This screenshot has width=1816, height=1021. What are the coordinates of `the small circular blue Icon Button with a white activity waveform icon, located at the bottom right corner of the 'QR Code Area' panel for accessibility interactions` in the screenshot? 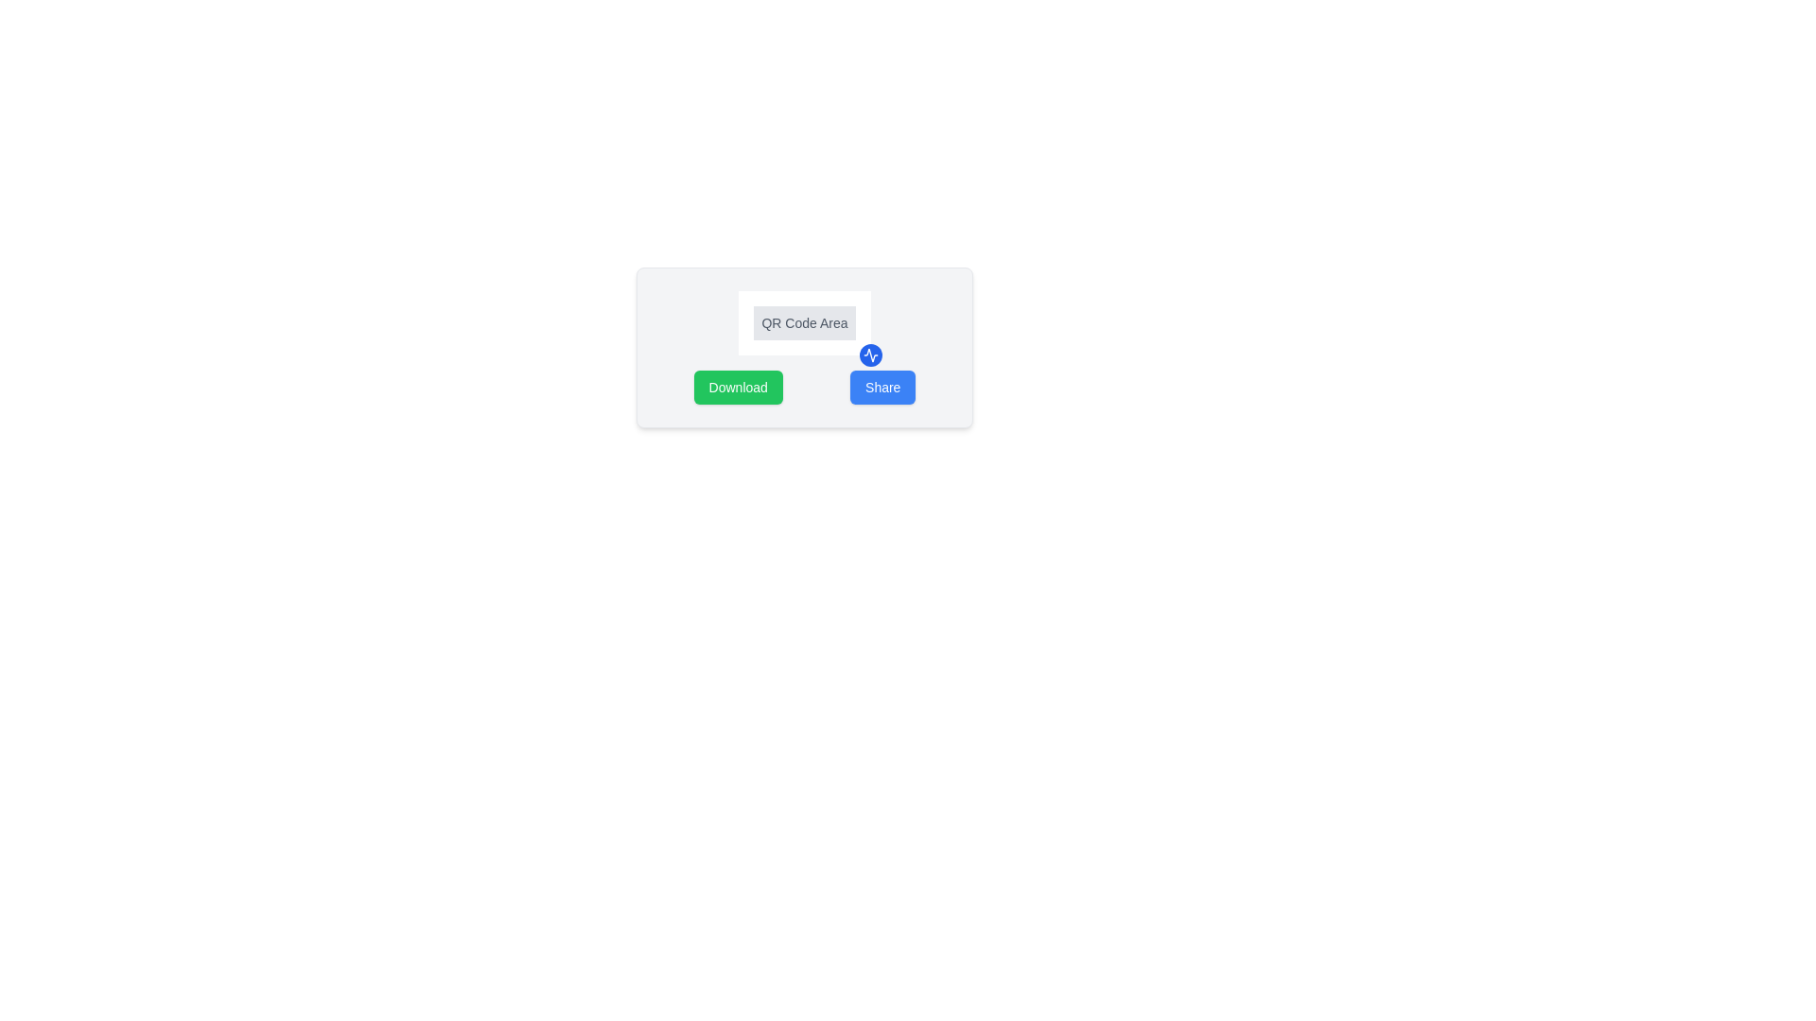 It's located at (869, 355).